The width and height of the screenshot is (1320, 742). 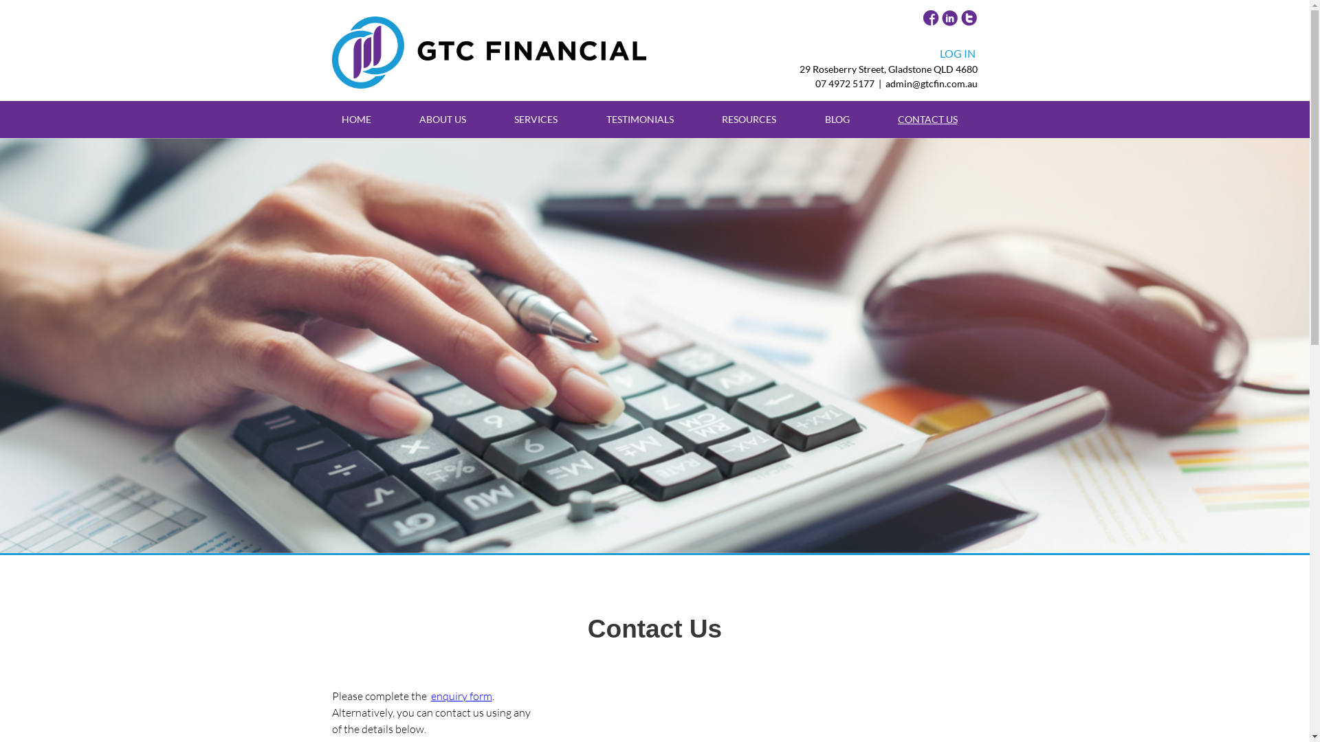 What do you see at coordinates (488, 52) in the screenshot?
I see `'GTC Horizontal Logo'` at bounding box center [488, 52].